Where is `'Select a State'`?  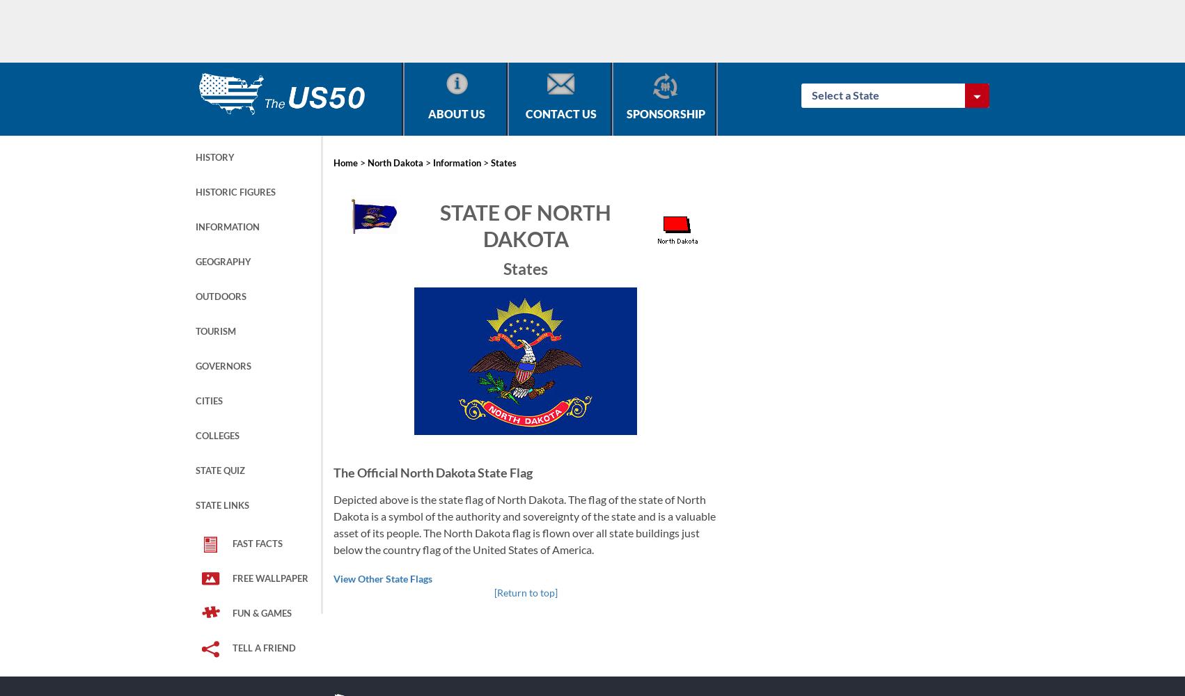 'Select a State' is located at coordinates (812, 95).